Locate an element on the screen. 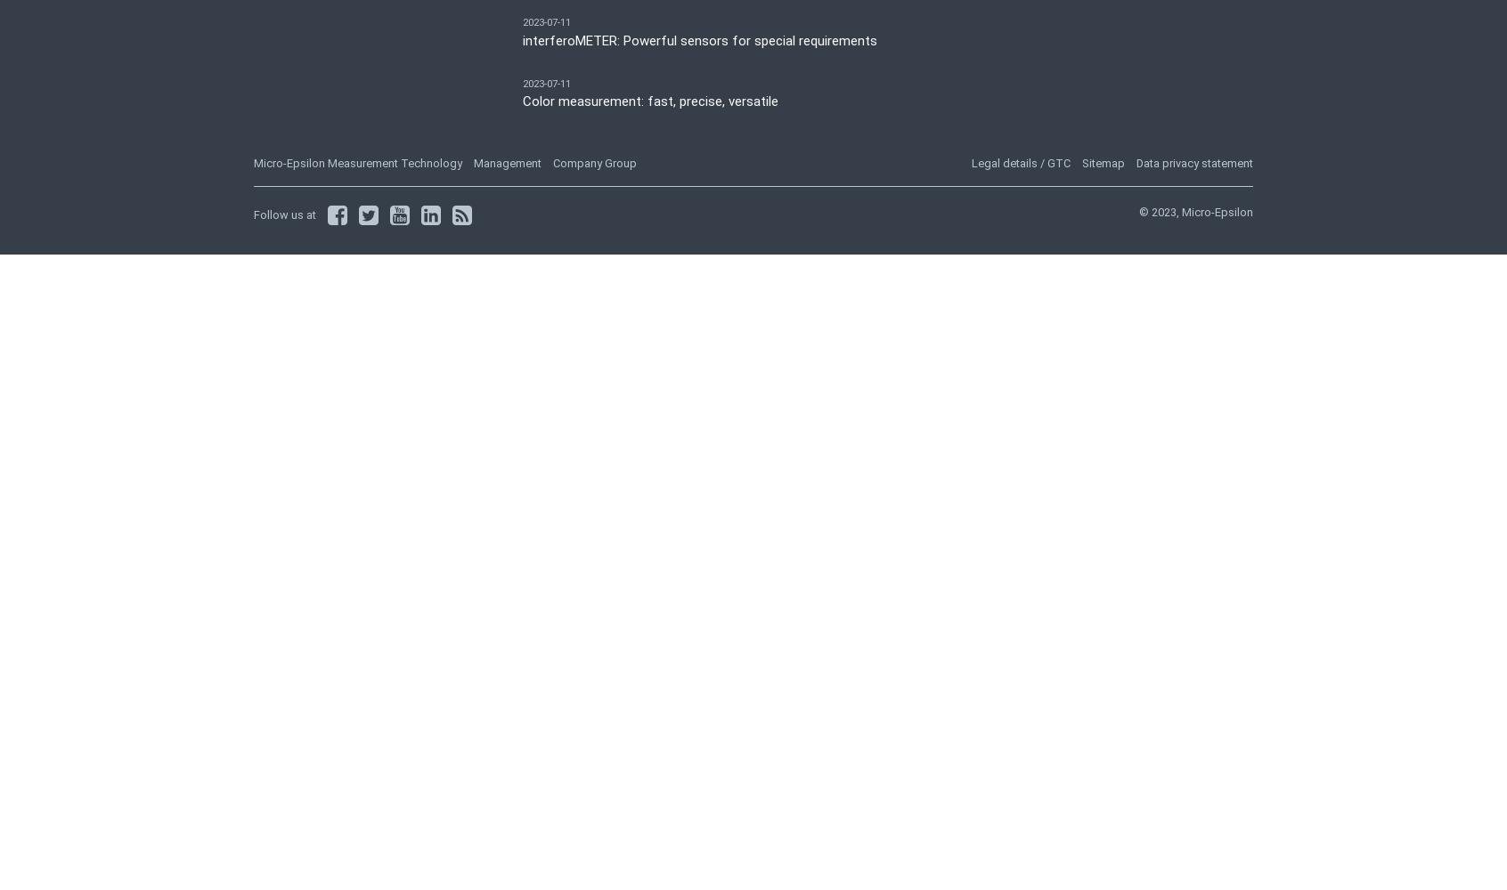 This screenshot has height=890, width=1507. 'Company Group' is located at coordinates (595, 163).